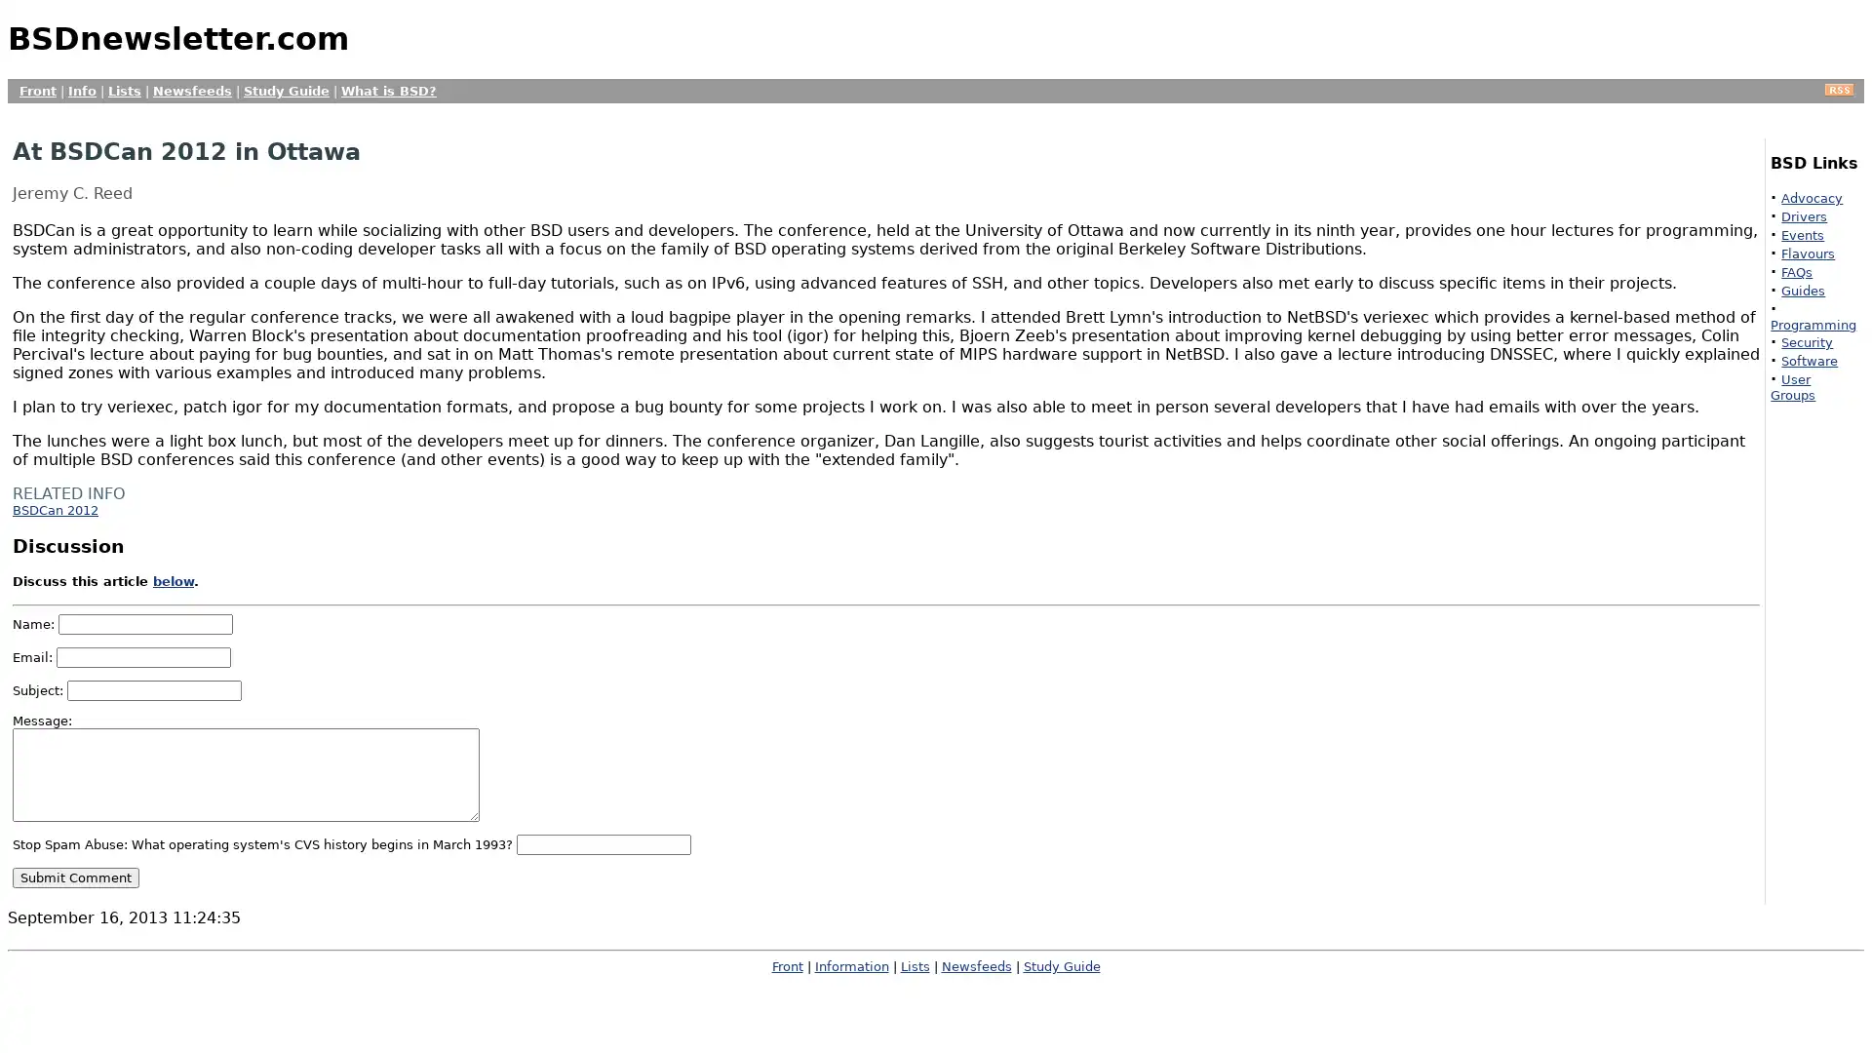 Image resolution: width=1872 pixels, height=1053 pixels. What do you see at coordinates (75, 877) in the screenshot?
I see `Submit Comment` at bounding box center [75, 877].